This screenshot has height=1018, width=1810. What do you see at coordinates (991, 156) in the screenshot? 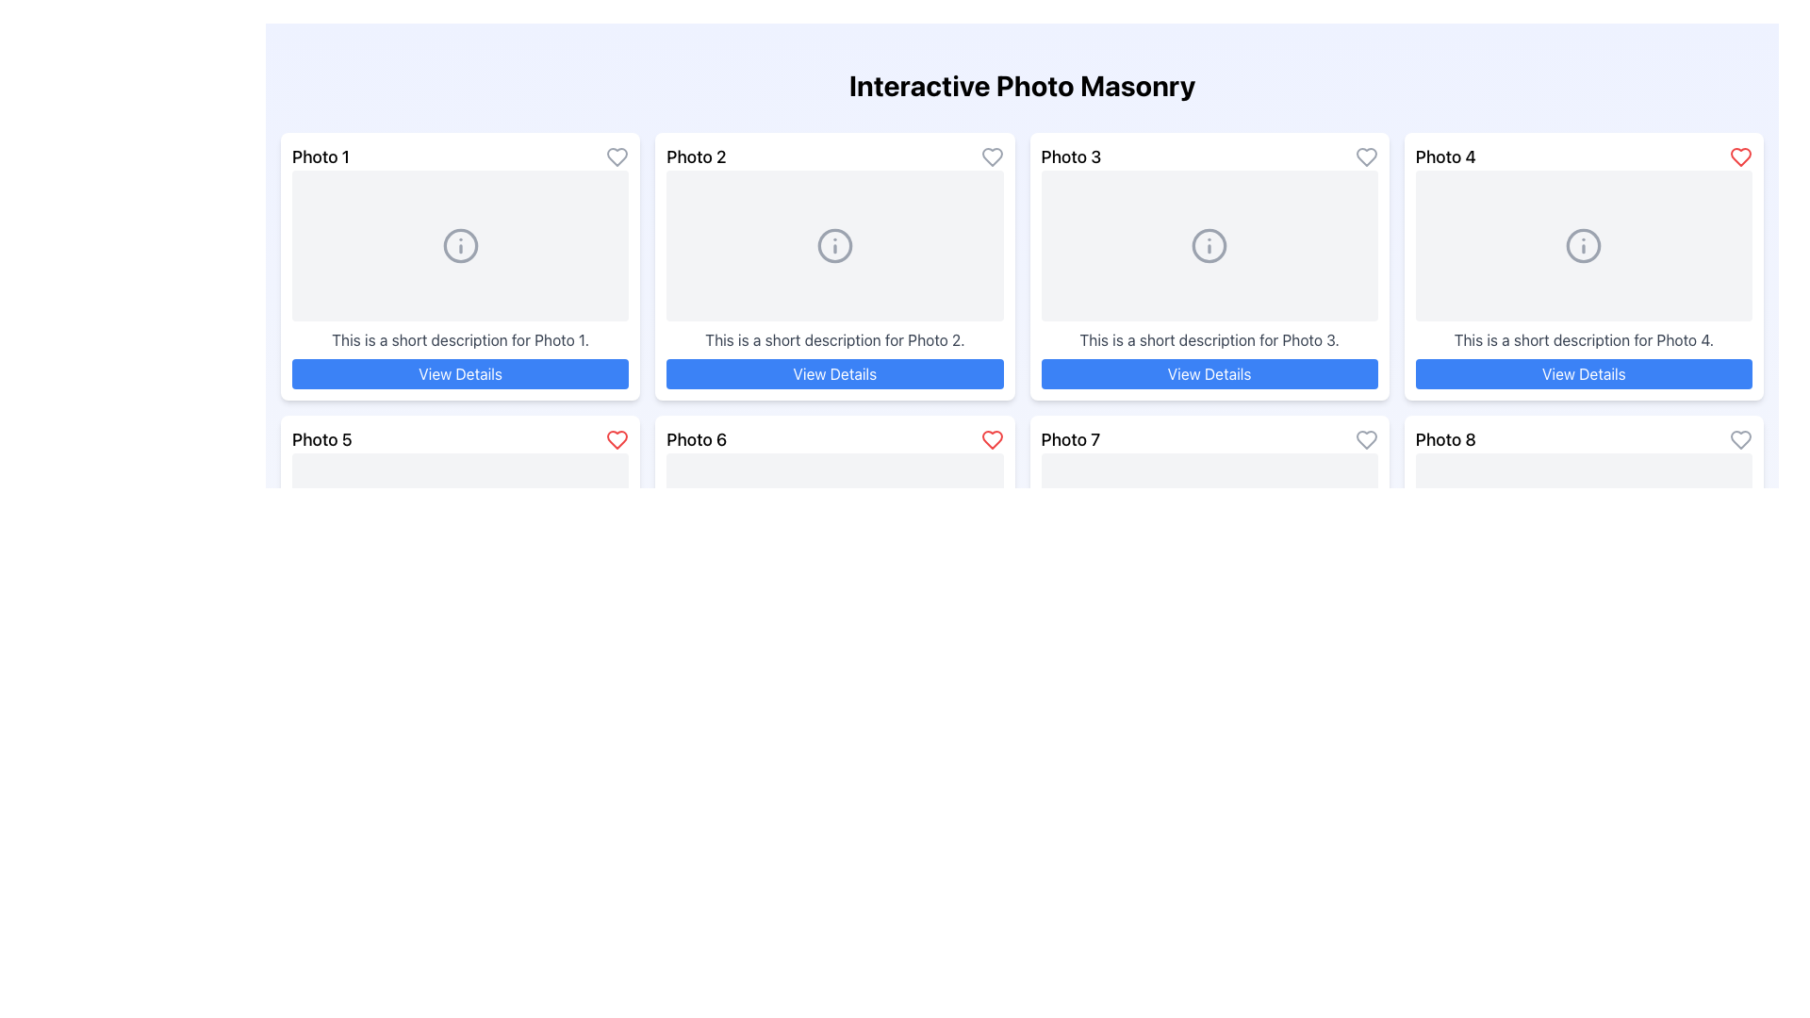
I see `the heart-shaped icon in the top-right corner of the card labeled 'Photo 2'` at bounding box center [991, 156].